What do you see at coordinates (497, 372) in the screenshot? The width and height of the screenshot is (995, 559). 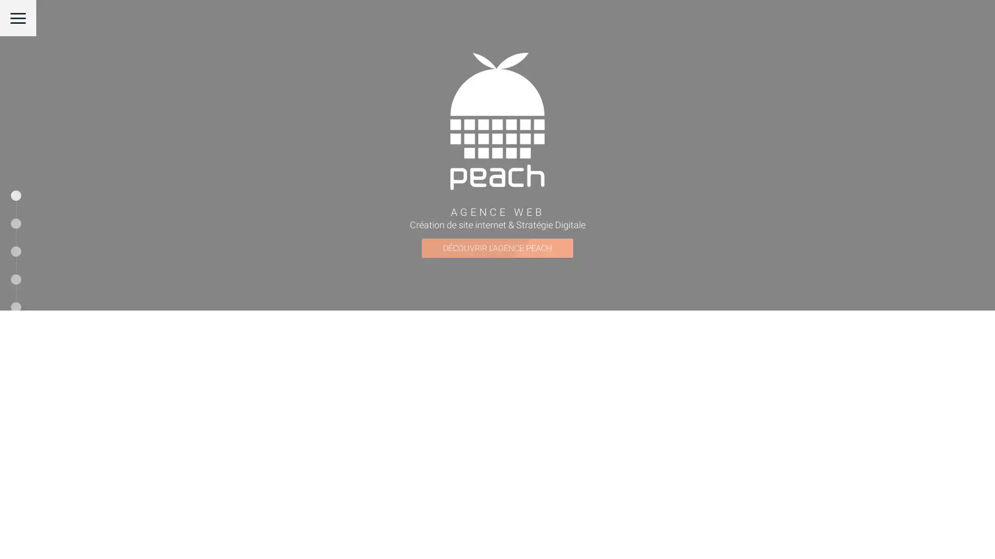 I see `DECOUVRIR L'AGENCE PEACH` at bounding box center [497, 372].